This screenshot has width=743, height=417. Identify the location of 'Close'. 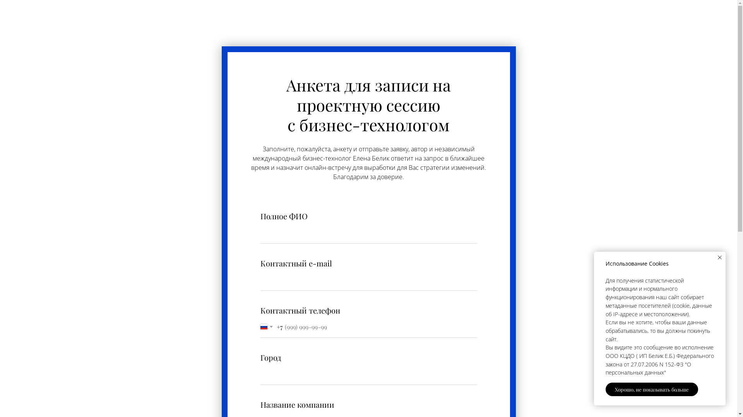
(719, 258).